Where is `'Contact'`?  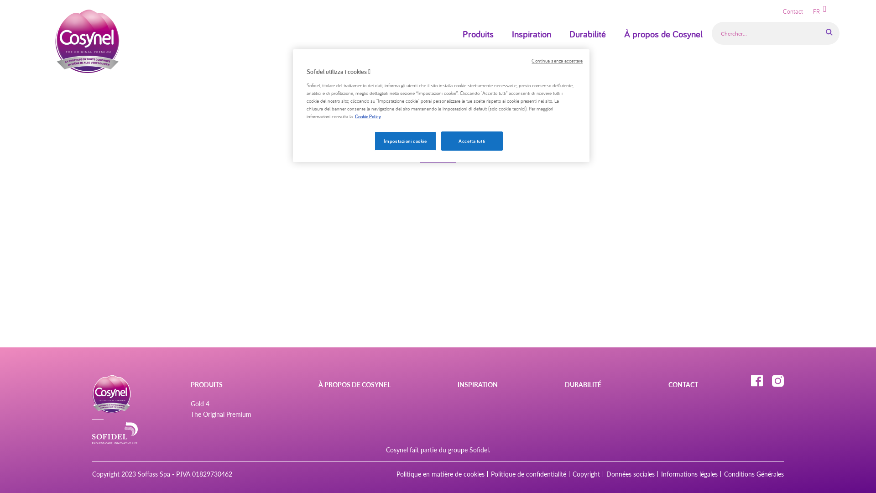 'Contact' is located at coordinates (792, 11).